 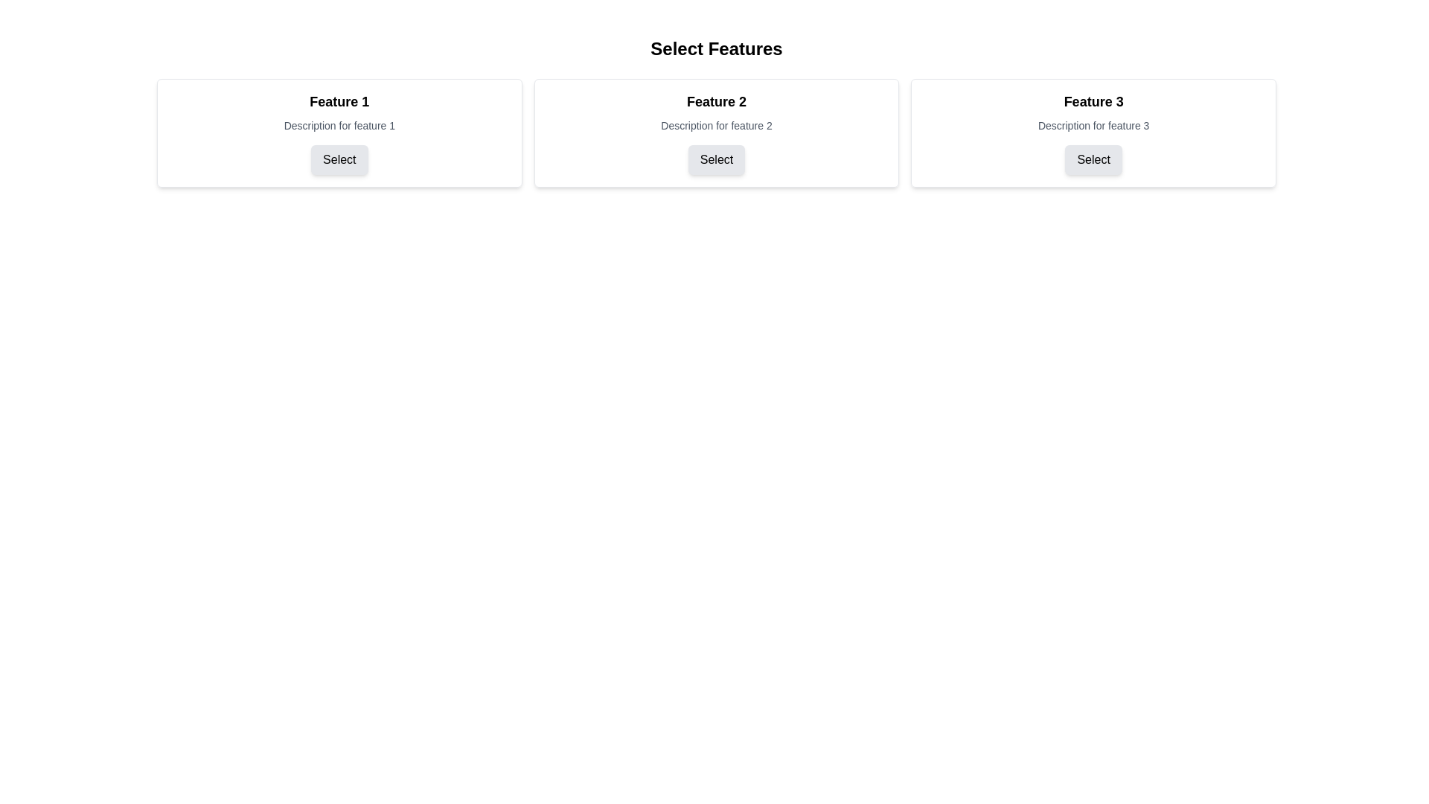 What do you see at coordinates (717, 160) in the screenshot?
I see `the 'Select' button, a rectangular button with rounded corners and a light gray background, located at the bottom of the 'Feature 2' card, below the description text` at bounding box center [717, 160].